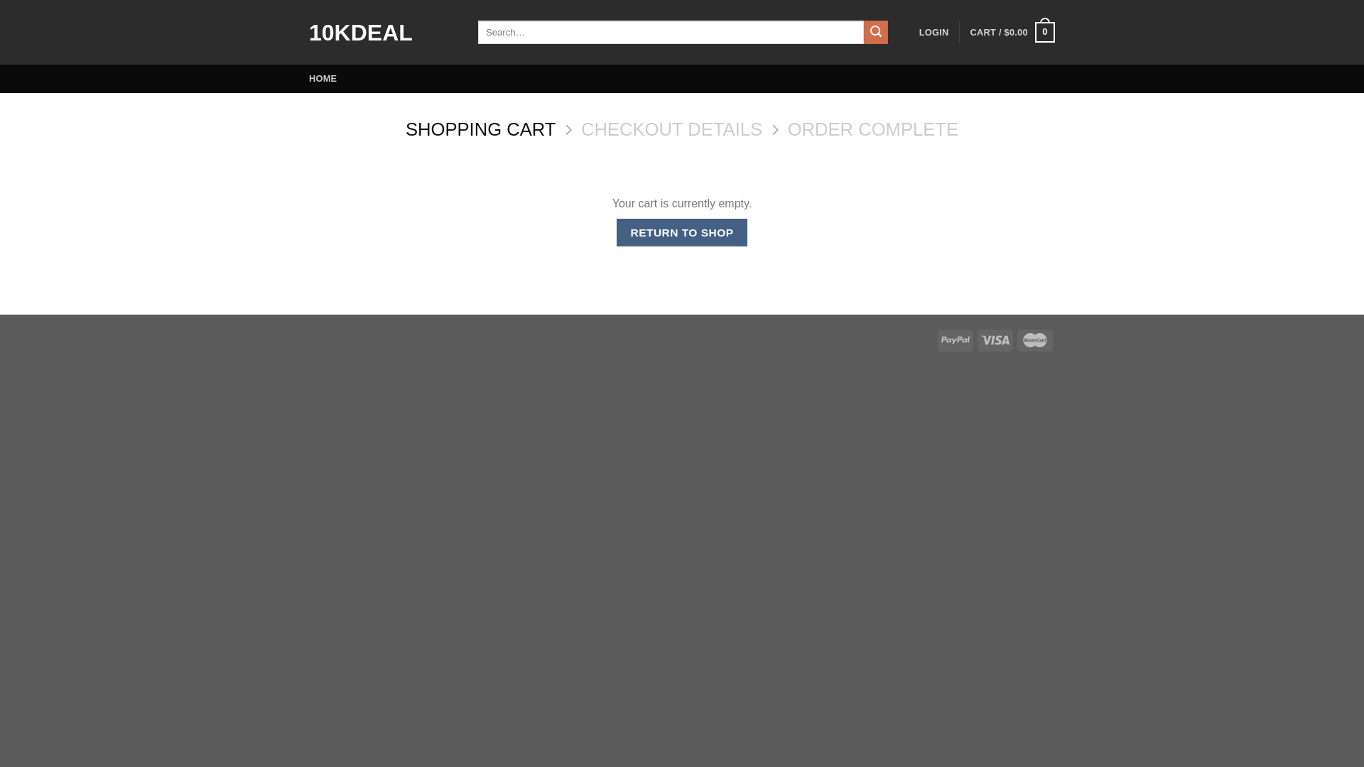 This screenshot has width=1364, height=767. I want to click on 'LOGIN', so click(934, 32).